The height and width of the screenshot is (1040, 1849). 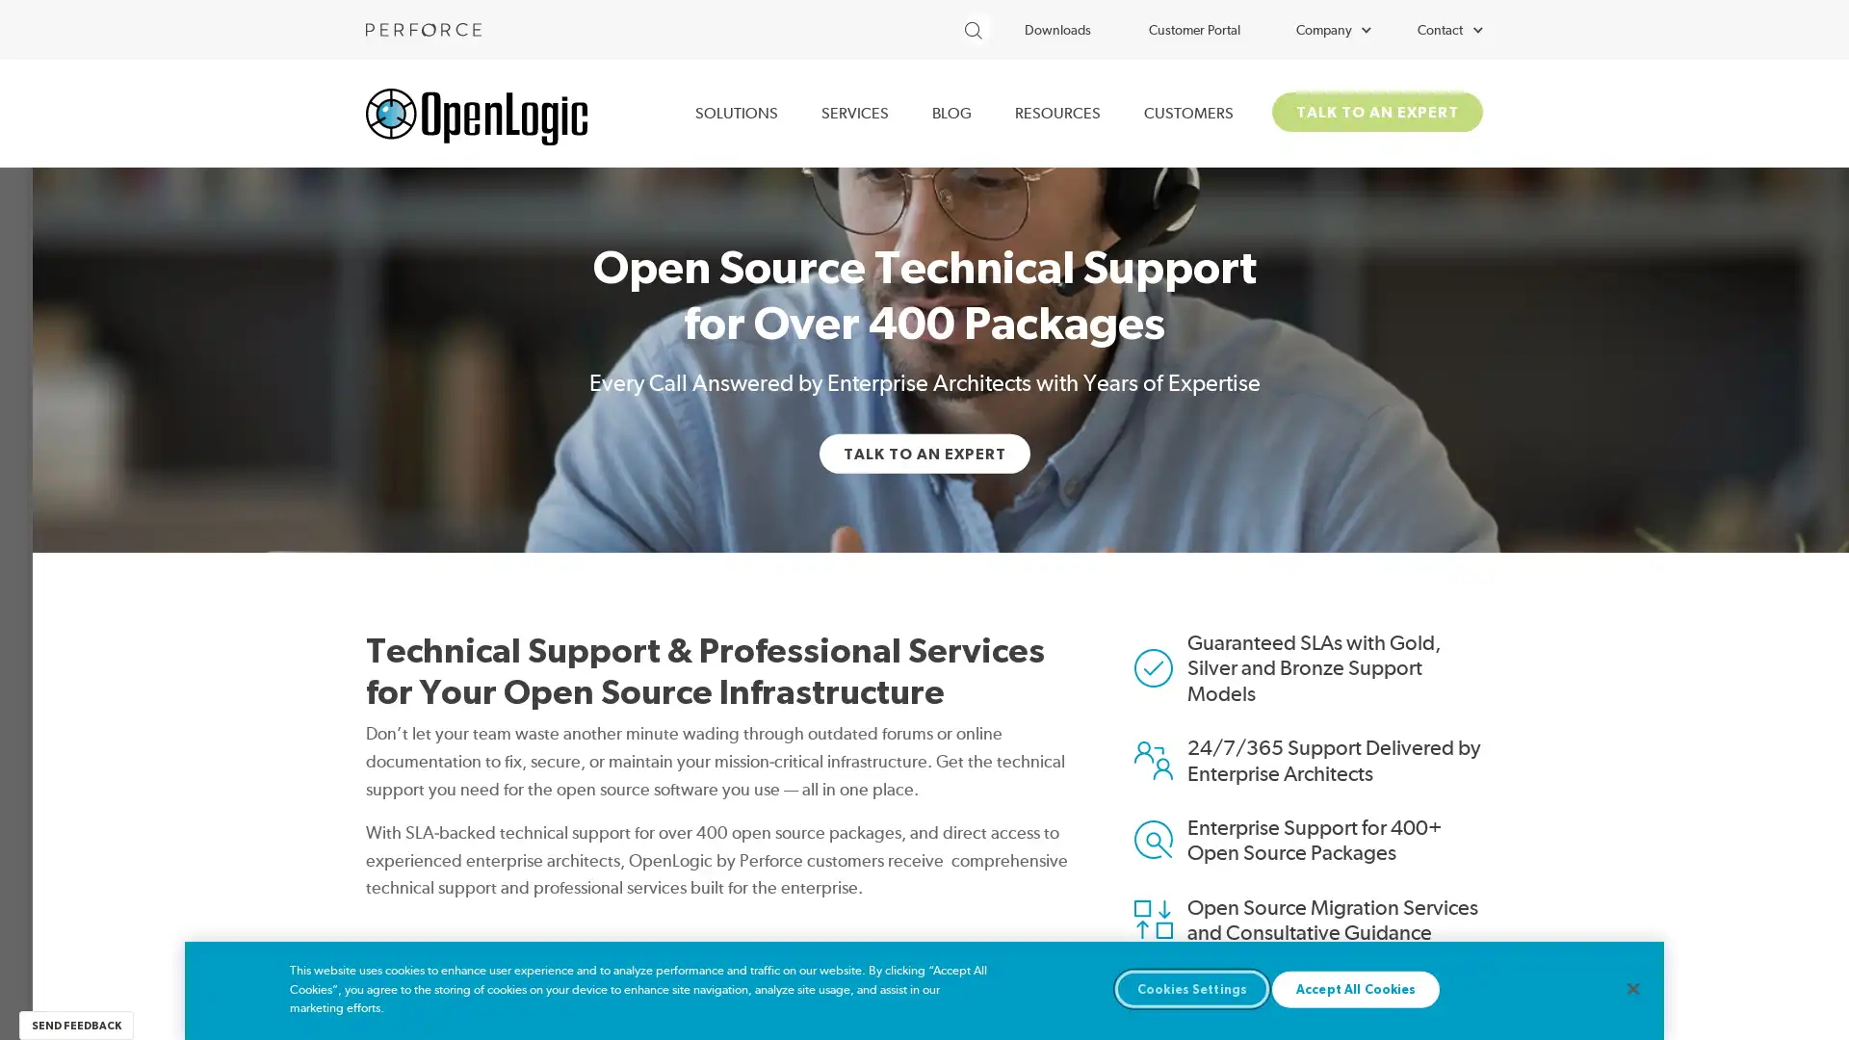 What do you see at coordinates (1354, 988) in the screenshot?
I see `Accept All Cookies` at bounding box center [1354, 988].